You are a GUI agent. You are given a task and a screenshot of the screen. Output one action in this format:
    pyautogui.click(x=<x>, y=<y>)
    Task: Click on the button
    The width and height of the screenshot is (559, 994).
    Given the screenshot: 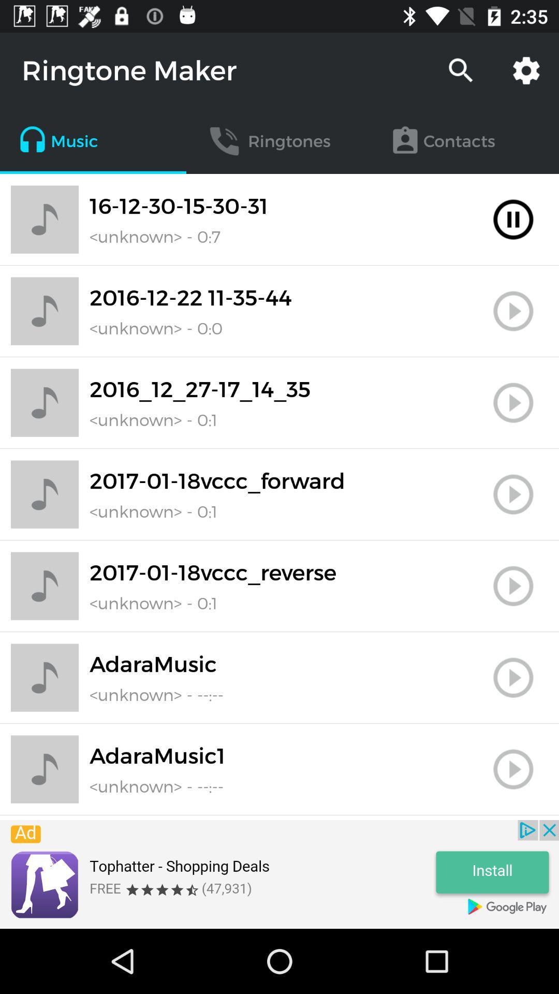 What is the action you would take?
    pyautogui.click(x=513, y=586)
    